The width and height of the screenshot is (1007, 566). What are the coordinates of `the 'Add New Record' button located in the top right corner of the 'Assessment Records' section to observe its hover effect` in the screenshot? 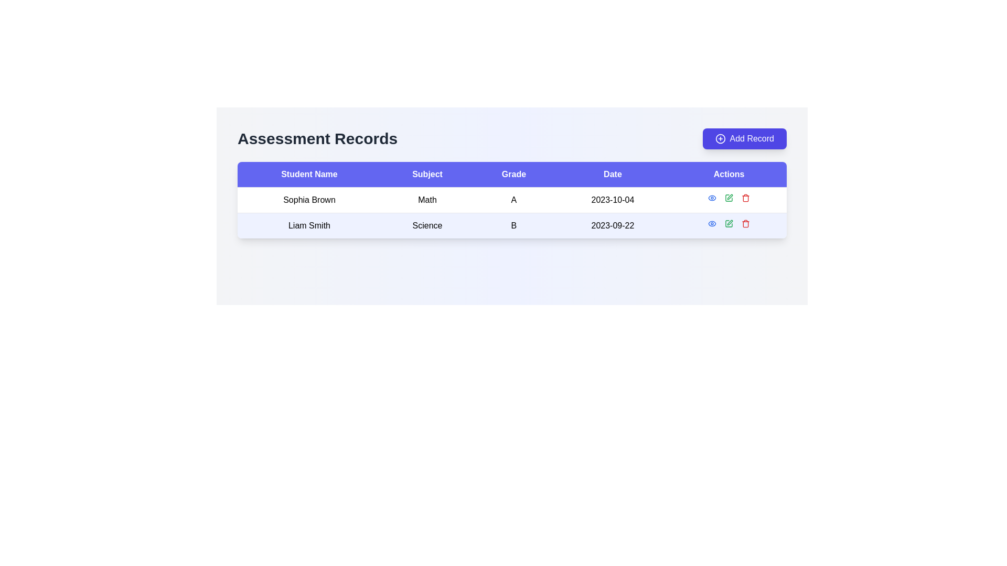 It's located at (744, 138).